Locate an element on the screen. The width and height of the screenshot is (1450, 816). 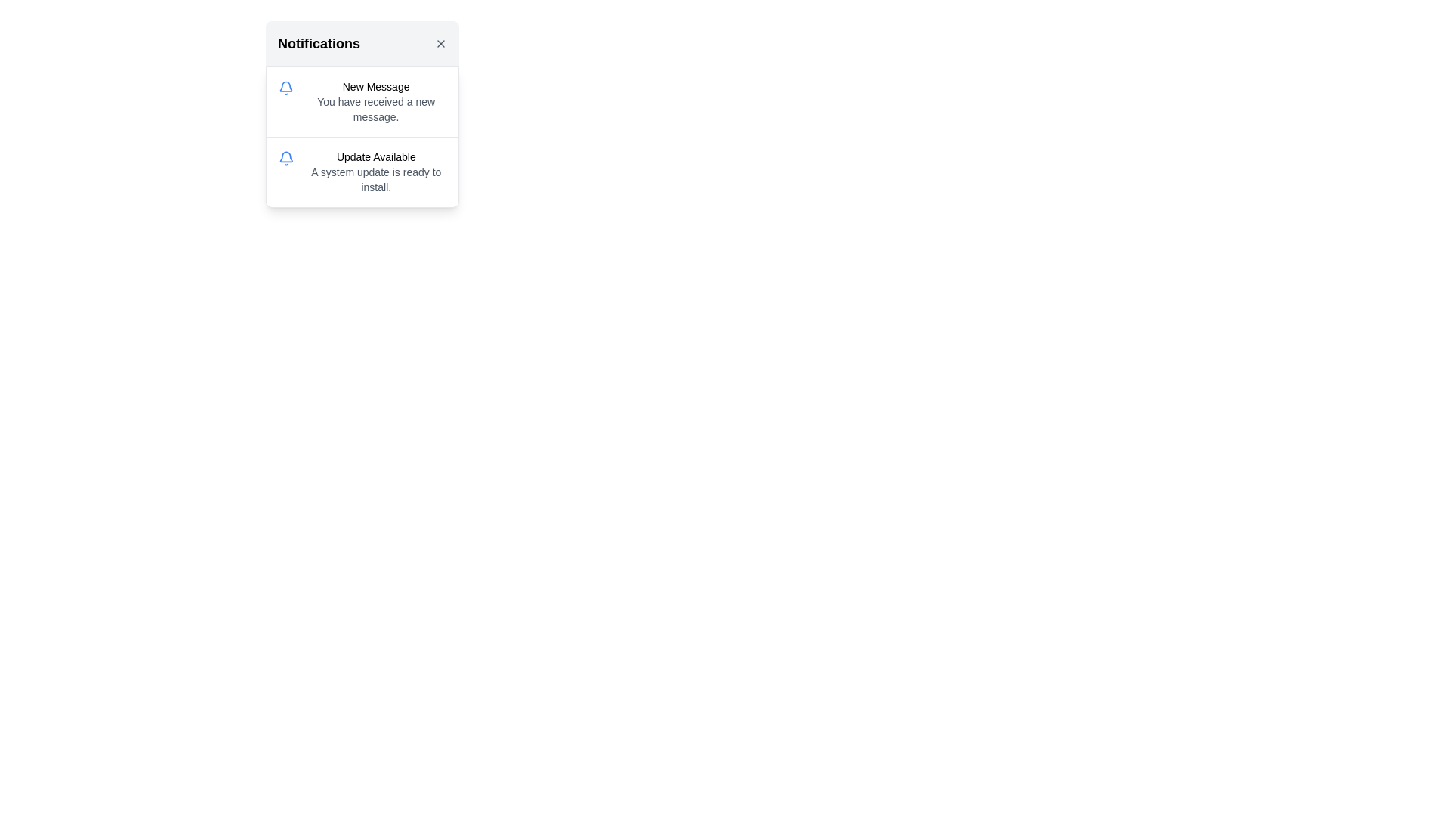
the second notification item in the list that contains the text 'Update Available' and 'A system update is ready to install' is located at coordinates (362, 171).